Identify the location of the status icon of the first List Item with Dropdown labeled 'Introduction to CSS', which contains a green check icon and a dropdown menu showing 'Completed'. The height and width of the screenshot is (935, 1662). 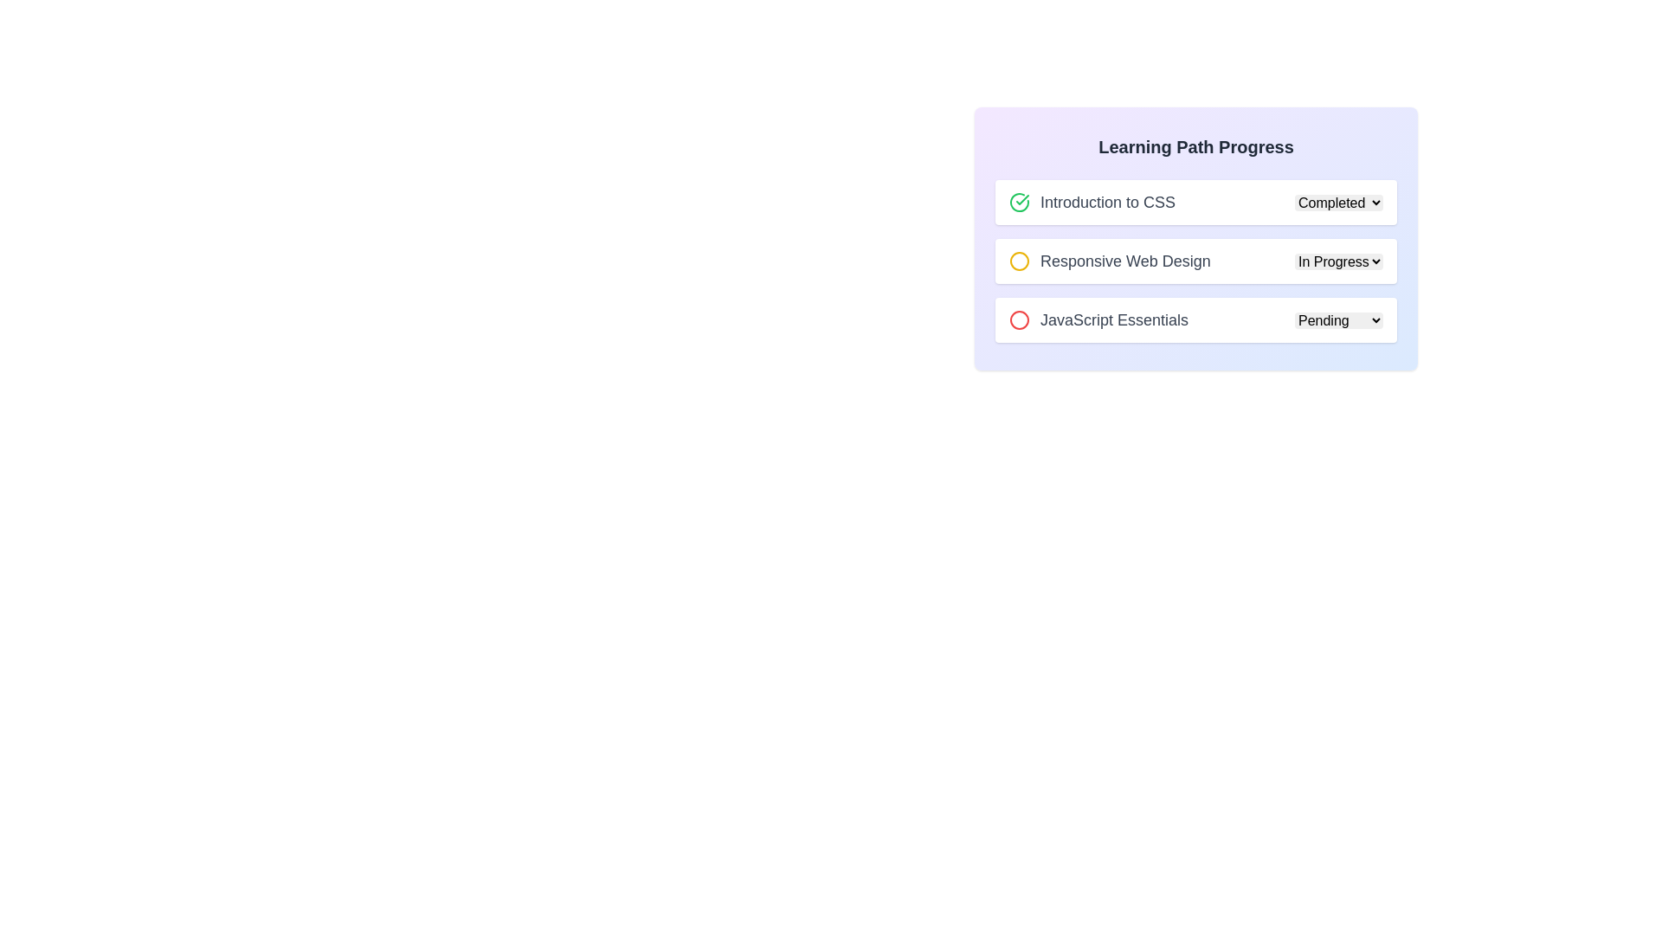
(1195, 202).